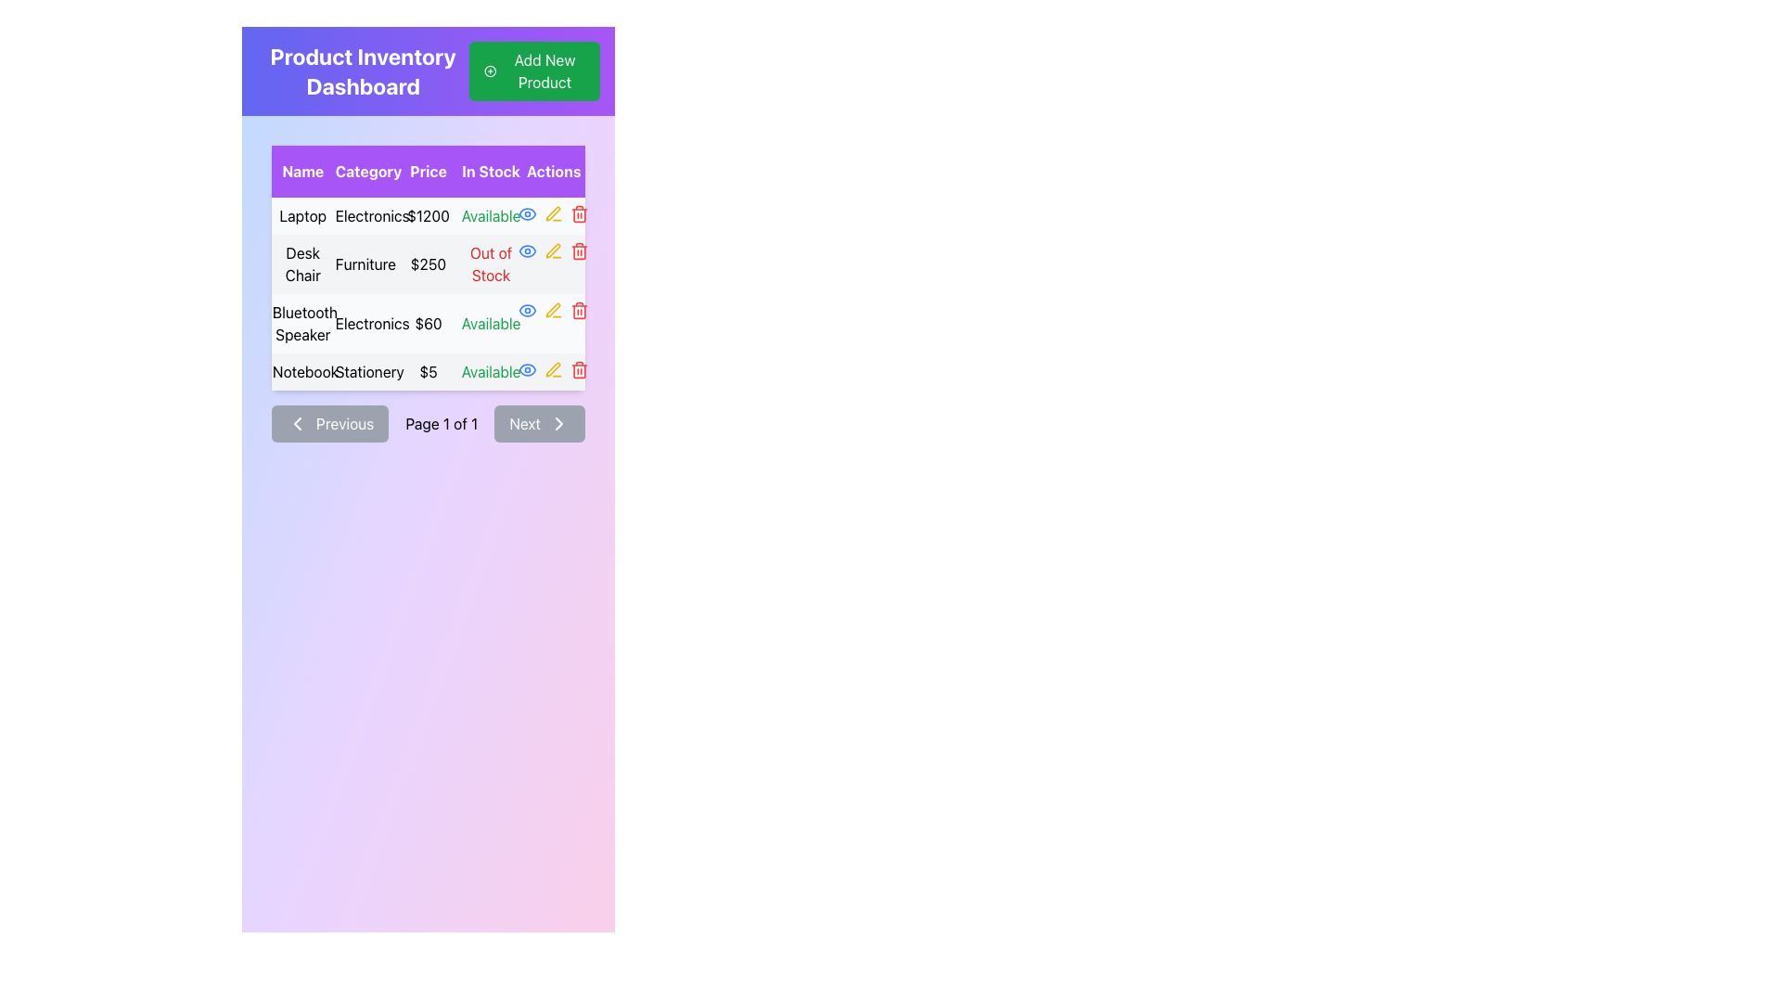 Image resolution: width=1781 pixels, height=1002 pixels. What do you see at coordinates (491, 214) in the screenshot?
I see `the Static Text Label displaying 'Available' in green color located in the 'In Stock' column of the first row in the table layout` at bounding box center [491, 214].